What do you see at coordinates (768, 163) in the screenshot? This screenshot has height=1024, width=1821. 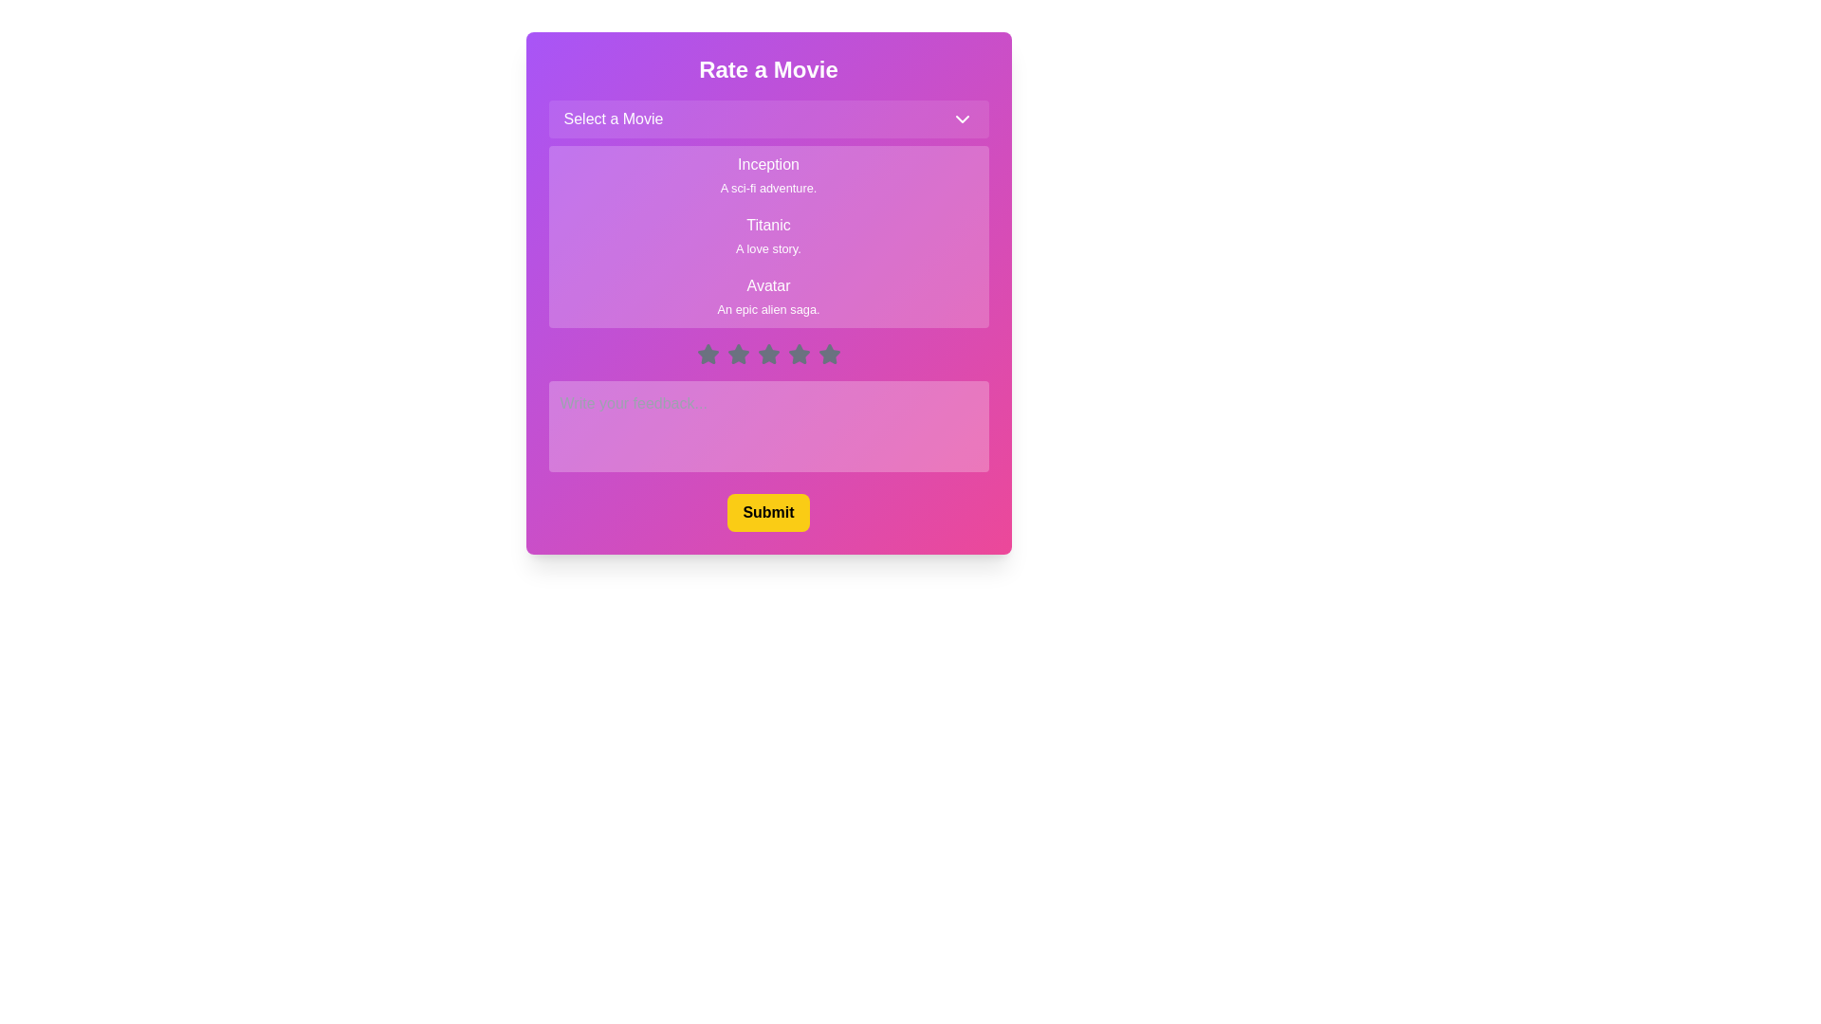 I see `the text label indicating the movie title 'Inception'` at bounding box center [768, 163].